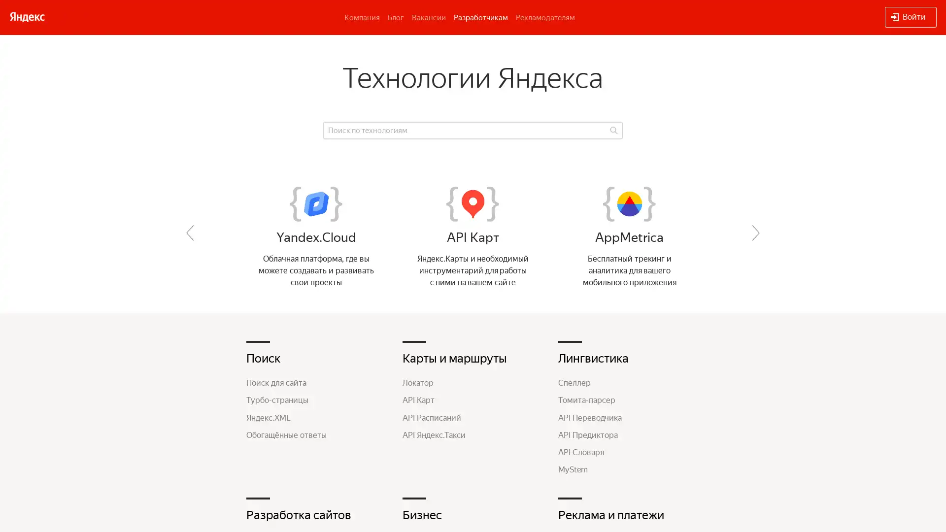  Describe the element at coordinates (190, 233) in the screenshot. I see `Previous slide` at that location.